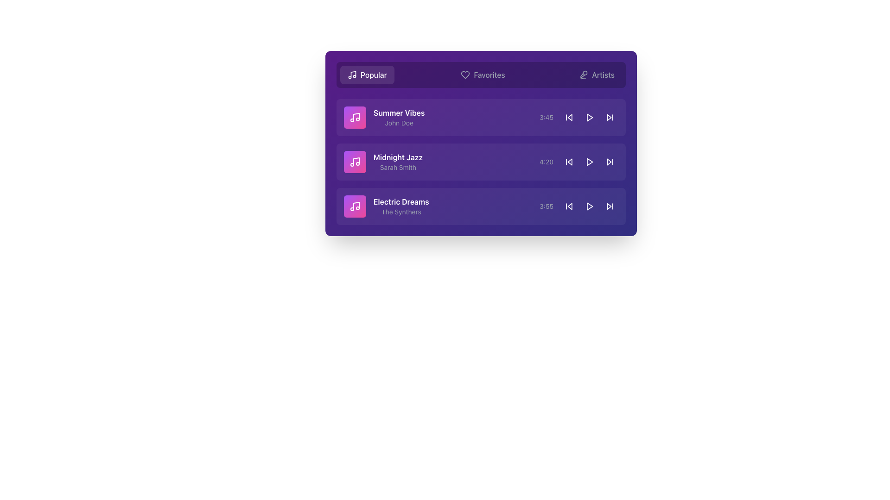  What do you see at coordinates (355, 117) in the screenshot?
I see `the musical note icon element located to the left of the 'Summer Vibes' and 'John Doe' text elements to initiate an action` at bounding box center [355, 117].